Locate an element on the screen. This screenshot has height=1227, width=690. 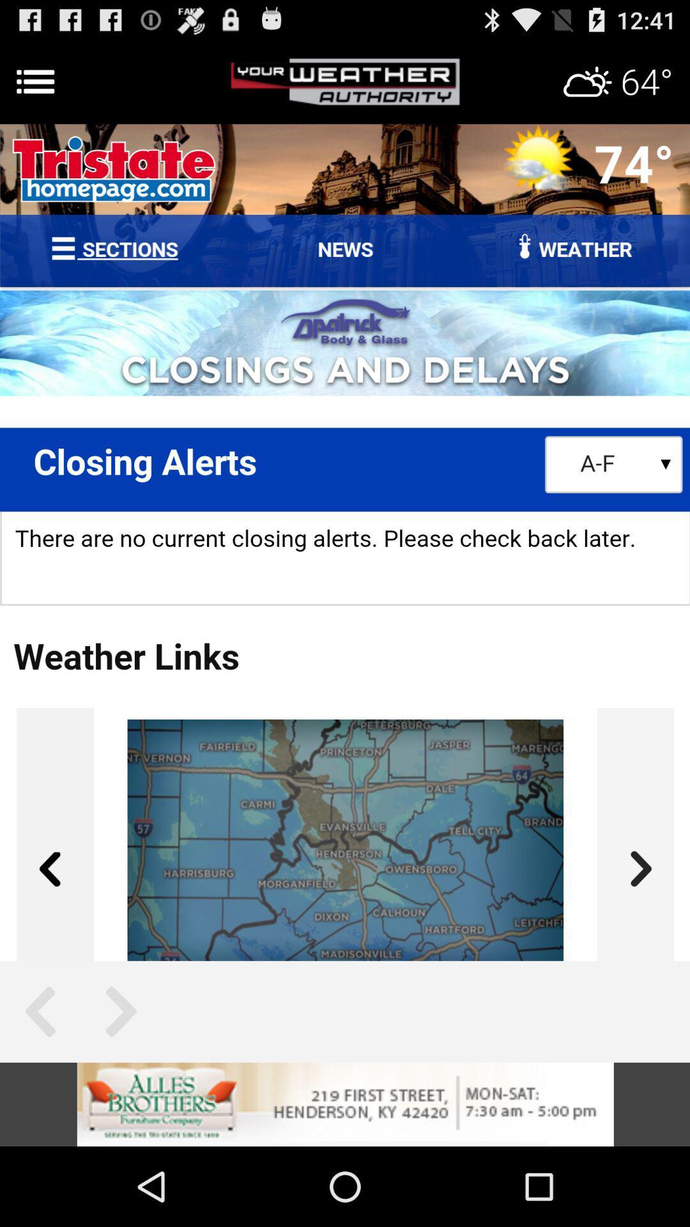
header option is located at coordinates (345, 81).